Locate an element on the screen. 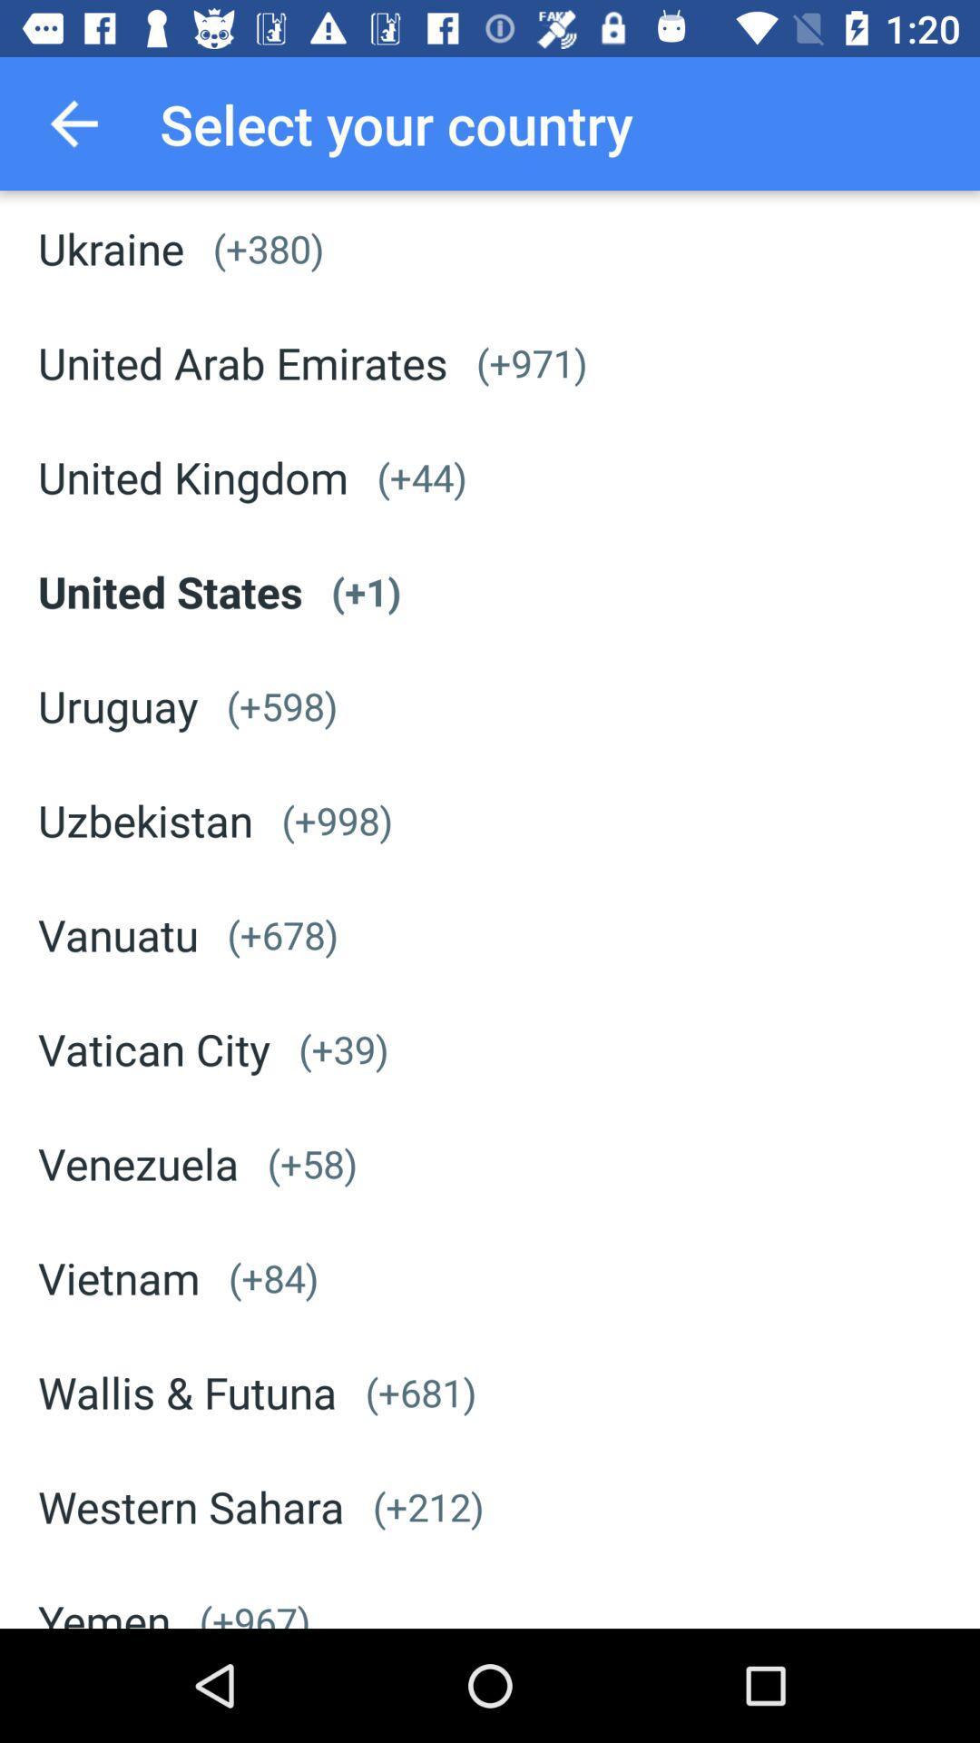 This screenshot has width=980, height=1743. the united arab emirates icon is located at coordinates (241, 362).